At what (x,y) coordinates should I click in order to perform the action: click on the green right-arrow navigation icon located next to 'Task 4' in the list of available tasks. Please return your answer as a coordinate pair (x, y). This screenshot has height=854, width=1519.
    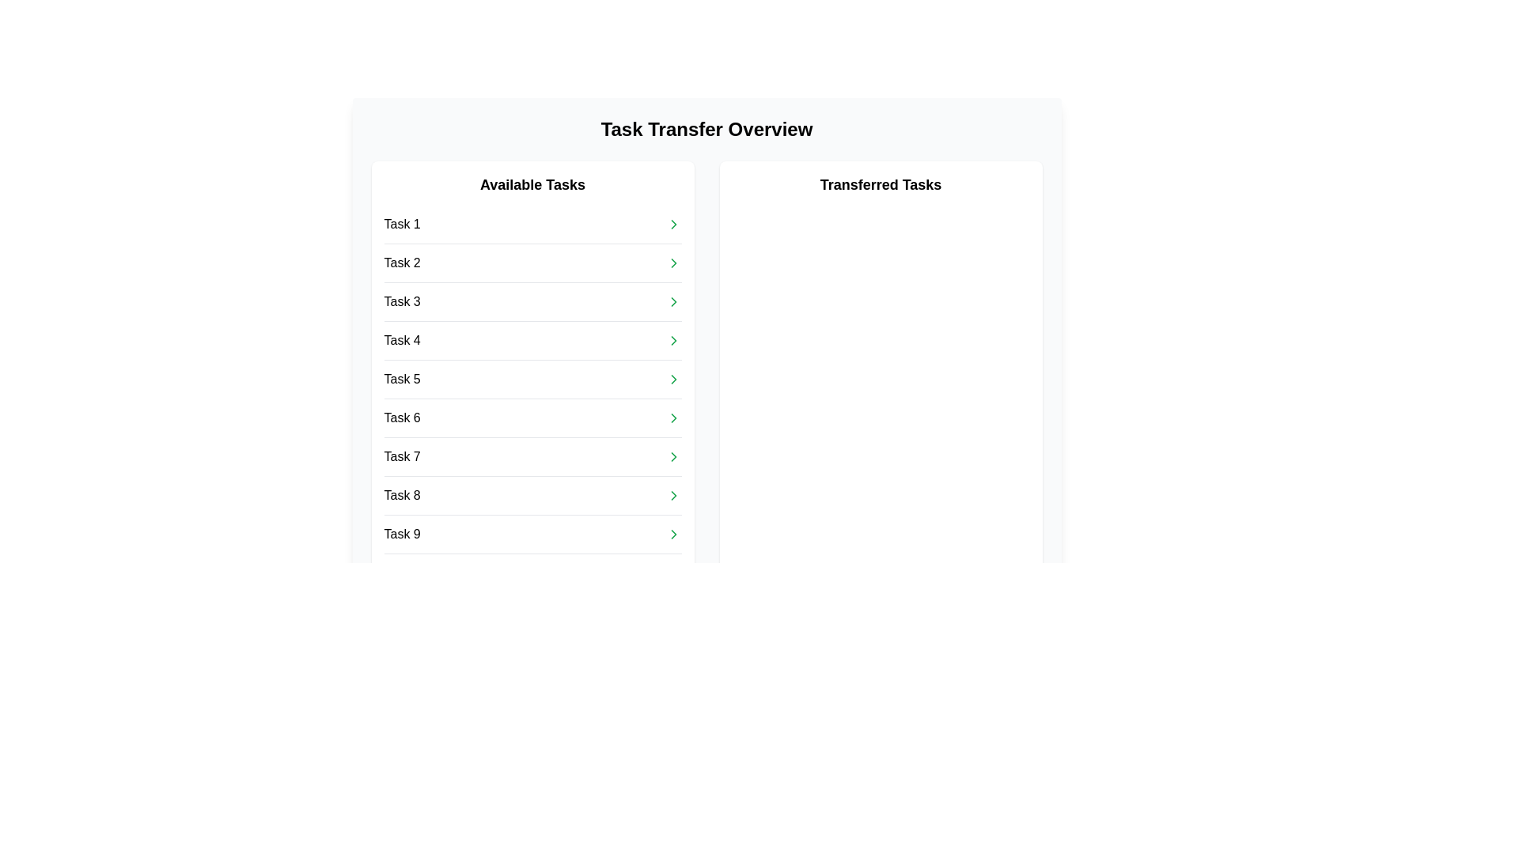
    Looking at the image, I should click on (673, 340).